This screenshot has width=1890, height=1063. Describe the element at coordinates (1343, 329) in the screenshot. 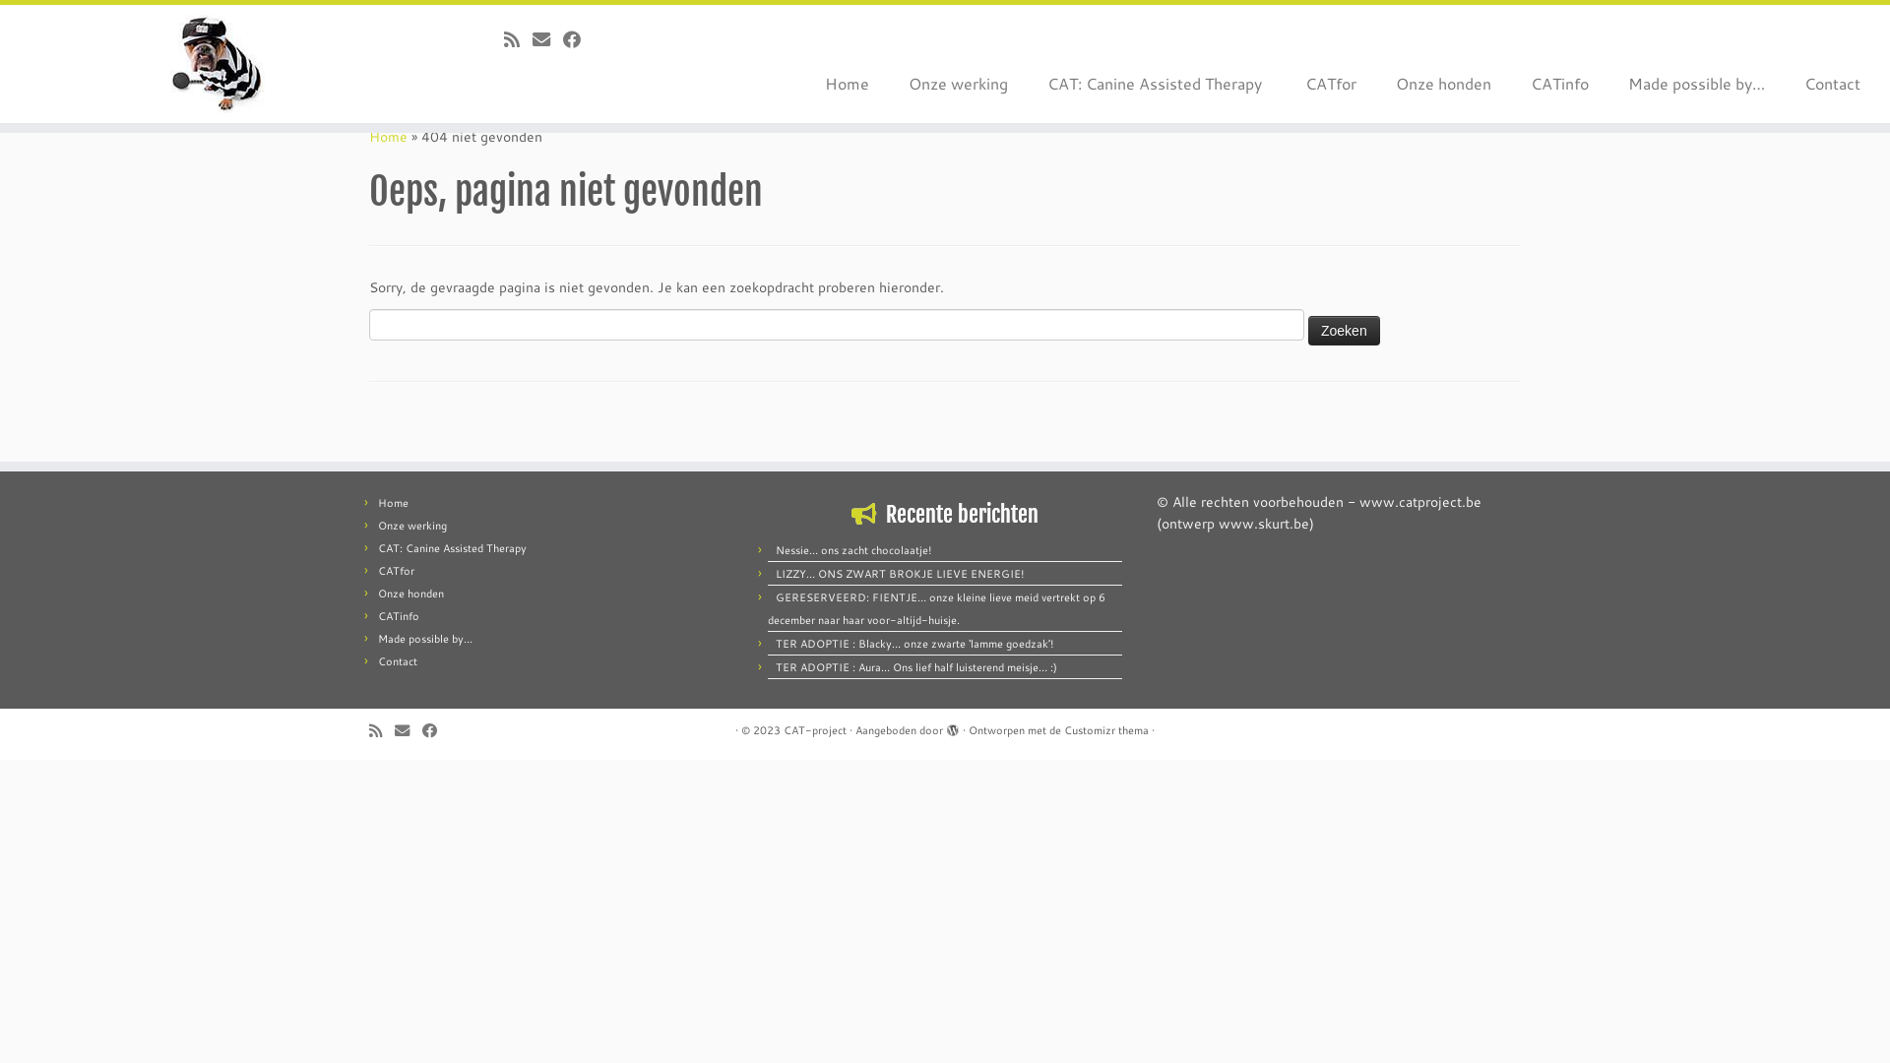

I see `'Zoeken'` at that location.